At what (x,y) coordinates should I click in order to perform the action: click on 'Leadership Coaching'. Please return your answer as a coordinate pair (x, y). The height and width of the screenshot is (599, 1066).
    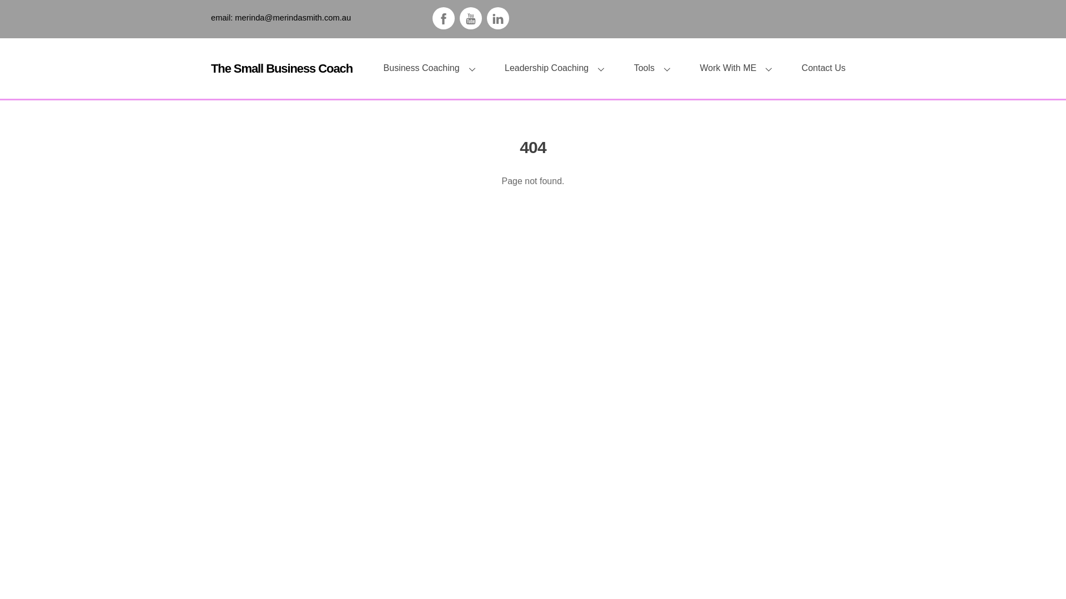
    Looking at the image, I should click on (559, 68).